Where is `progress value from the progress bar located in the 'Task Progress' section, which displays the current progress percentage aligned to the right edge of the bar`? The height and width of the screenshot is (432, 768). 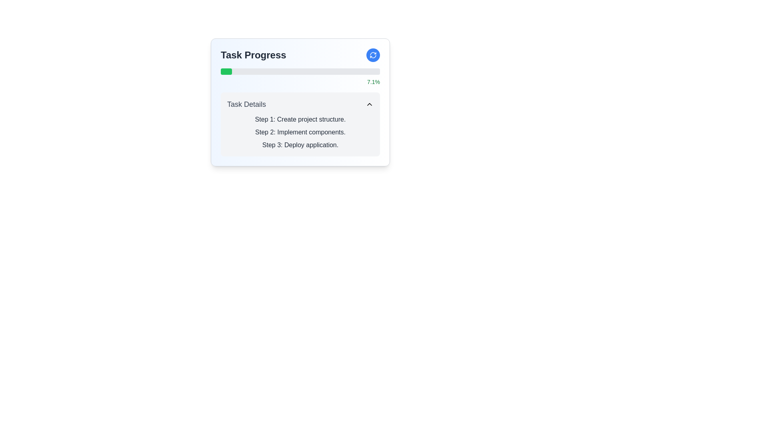
progress value from the progress bar located in the 'Task Progress' section, which displays the current progress percentage aligned to the right edge of the bar is located at coordinates (300, 77).